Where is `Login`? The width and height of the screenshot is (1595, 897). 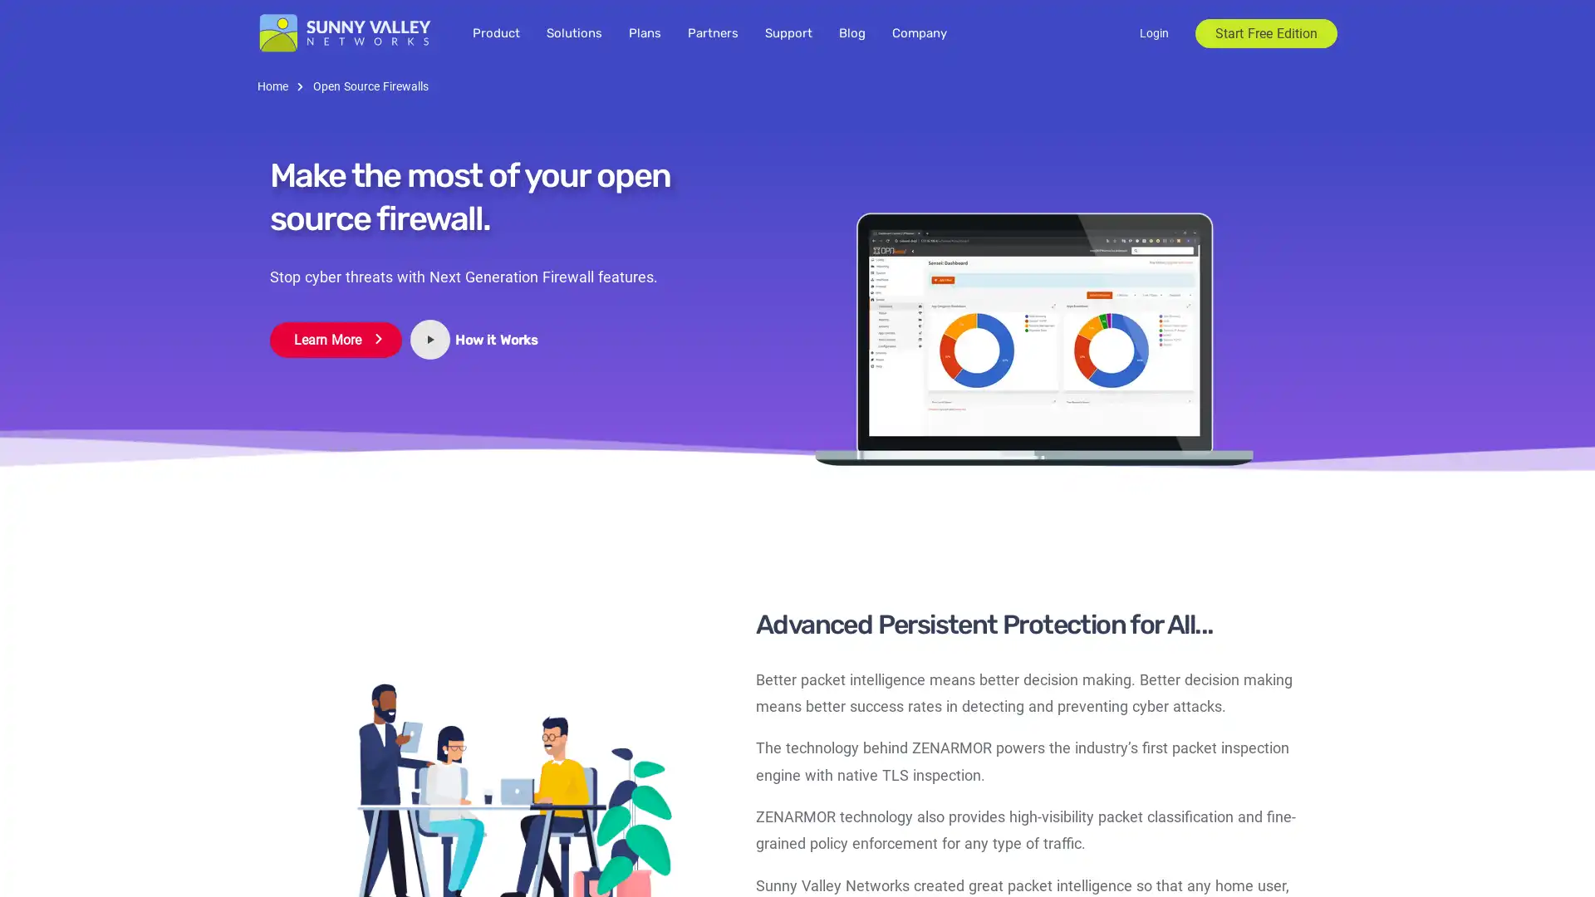
Login is located at coordinates (1153, 32).